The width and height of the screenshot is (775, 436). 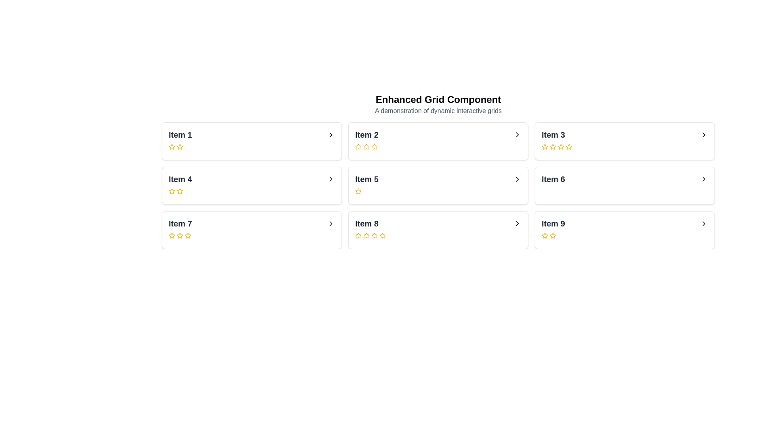 What do you see at coordinates (624, 134) in the screenshot?
I see `the 'Item 3' element in the top-right corner of the grid layout` at bounding box center [624, 134].